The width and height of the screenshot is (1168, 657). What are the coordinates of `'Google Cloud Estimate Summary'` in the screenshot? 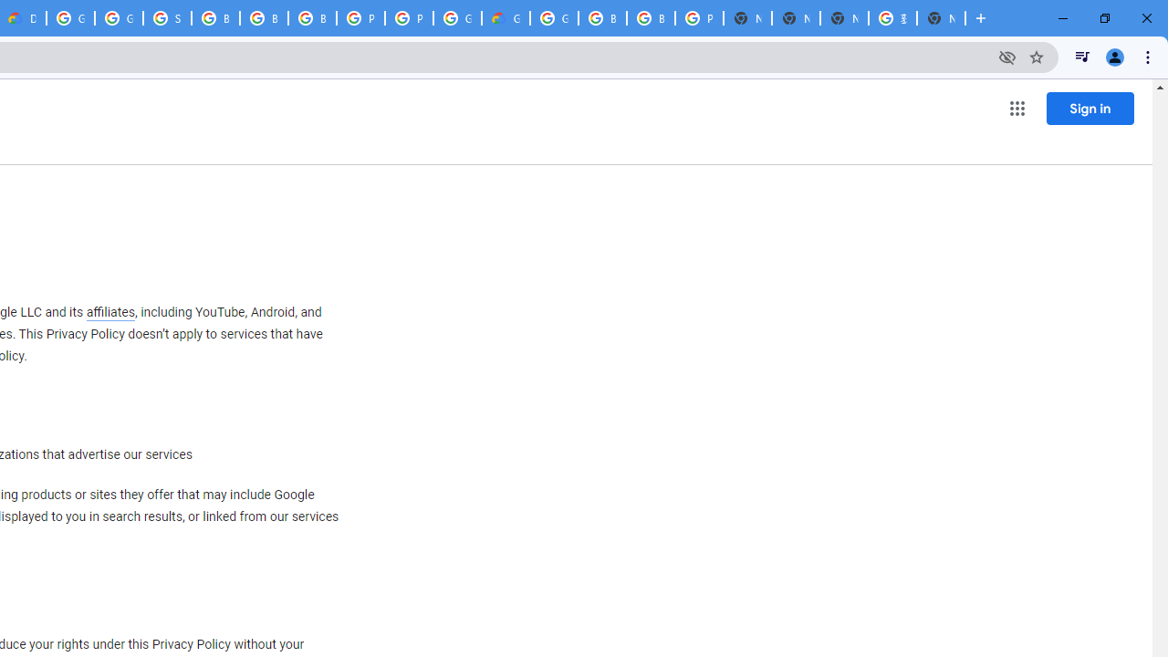 It's located at (506, 18).